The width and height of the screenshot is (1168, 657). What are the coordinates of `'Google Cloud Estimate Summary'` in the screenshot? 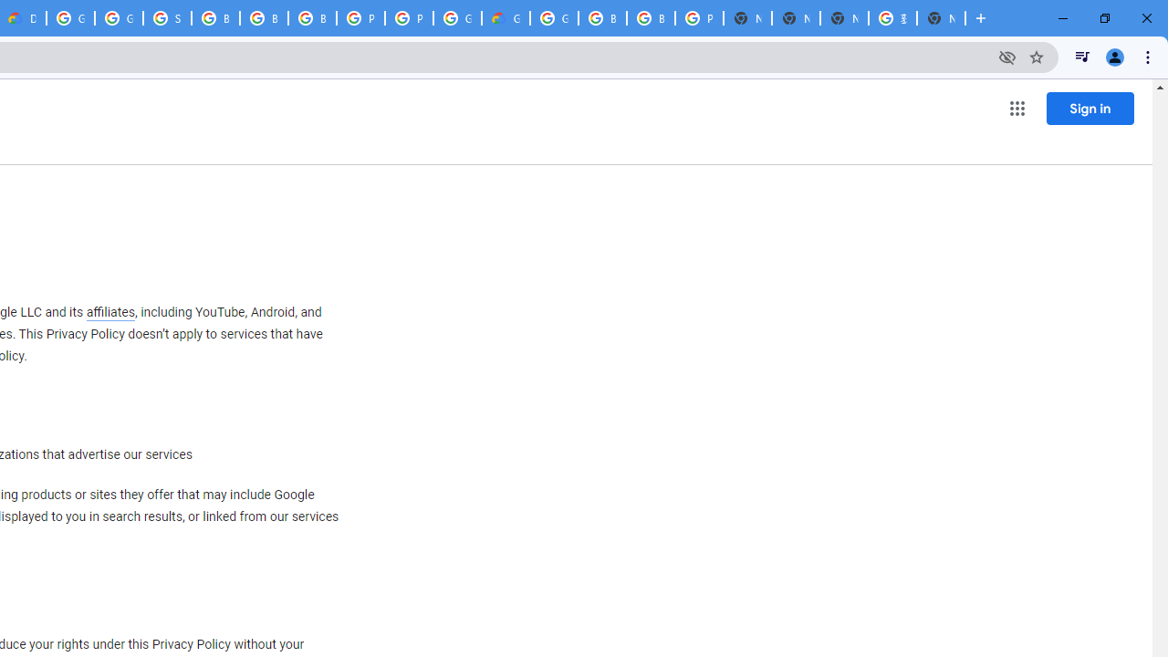 It's located at (506, 18).